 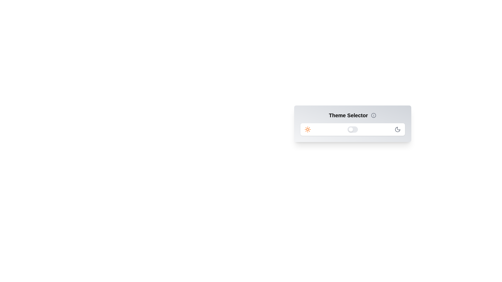 What do you see at coordinates (307, 129) in the screenshot?
I see `the sun icon to trigger its interaction` at bounding box center [307, 129].